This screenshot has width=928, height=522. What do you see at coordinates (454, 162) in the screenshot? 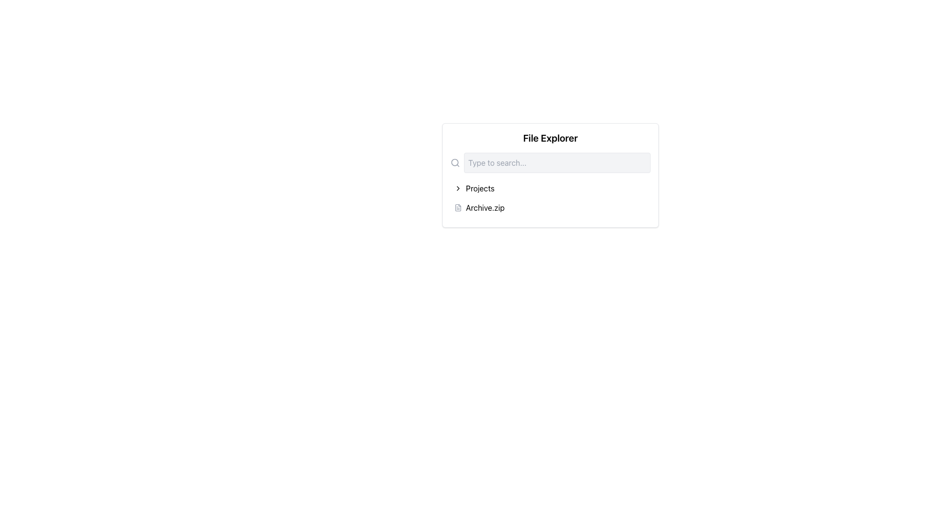
I see `the circular magnifying glass icon with a thin outline, located to the left of the search text input field in the top-center of the 'File Explorer' panel` at bounding box center [454, 162].